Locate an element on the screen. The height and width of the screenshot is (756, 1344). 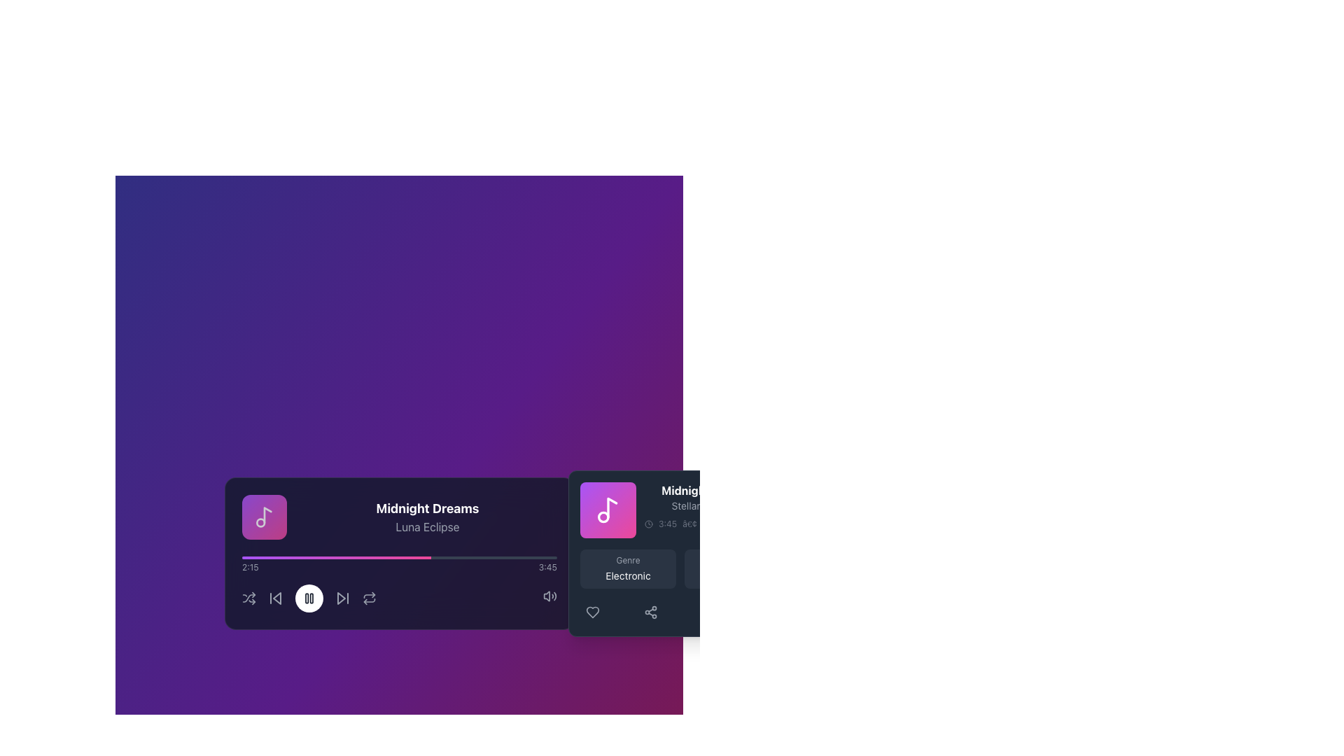
the play/pause button is located at coordinates (308, 598).